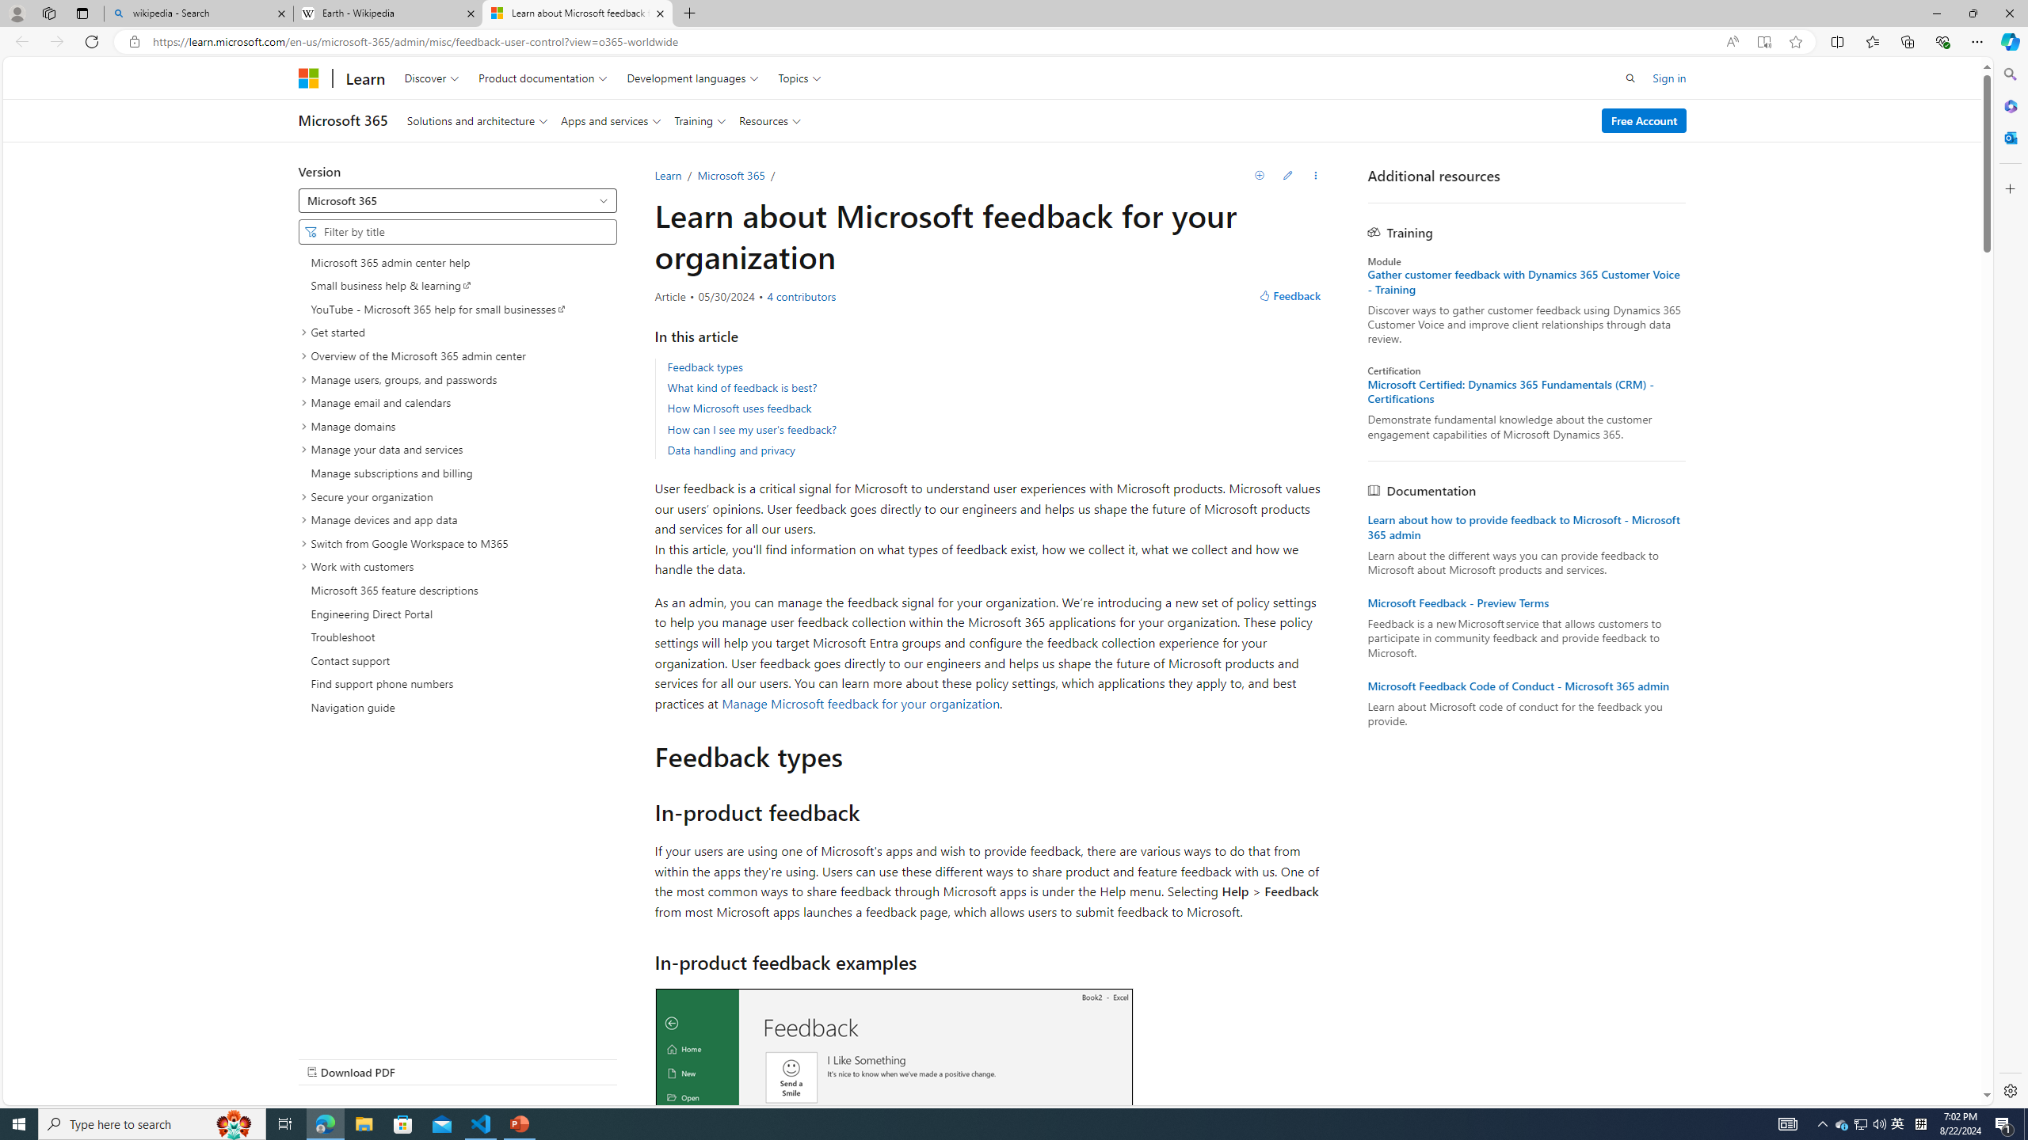 The height and width of the screenshot is (1140, 2028). I want to click on 'Development languages', so click(693, 77).